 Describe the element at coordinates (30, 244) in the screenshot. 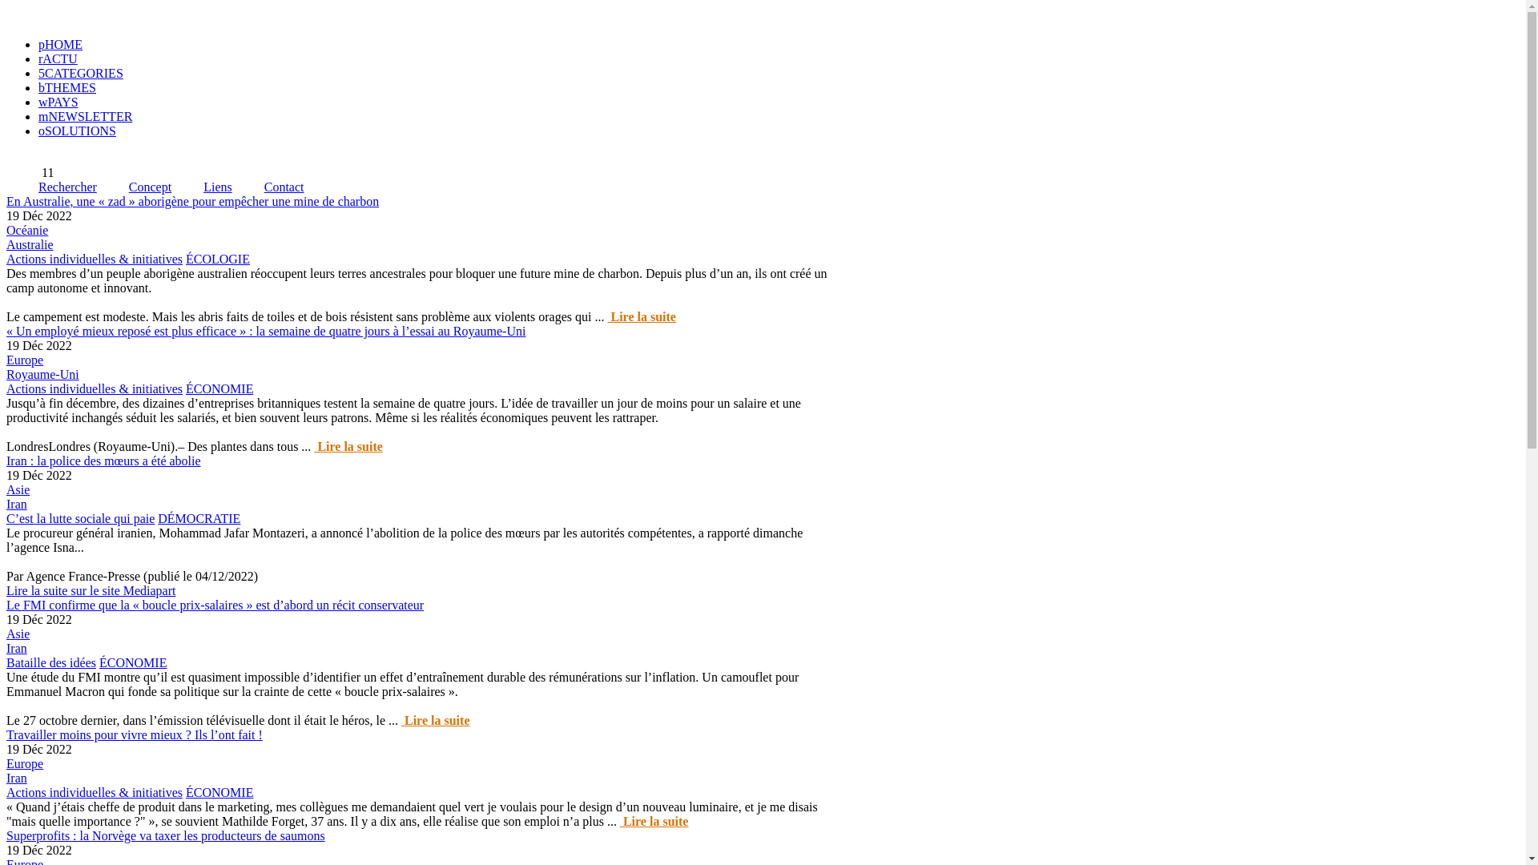

I see `'Australie'` at that location.